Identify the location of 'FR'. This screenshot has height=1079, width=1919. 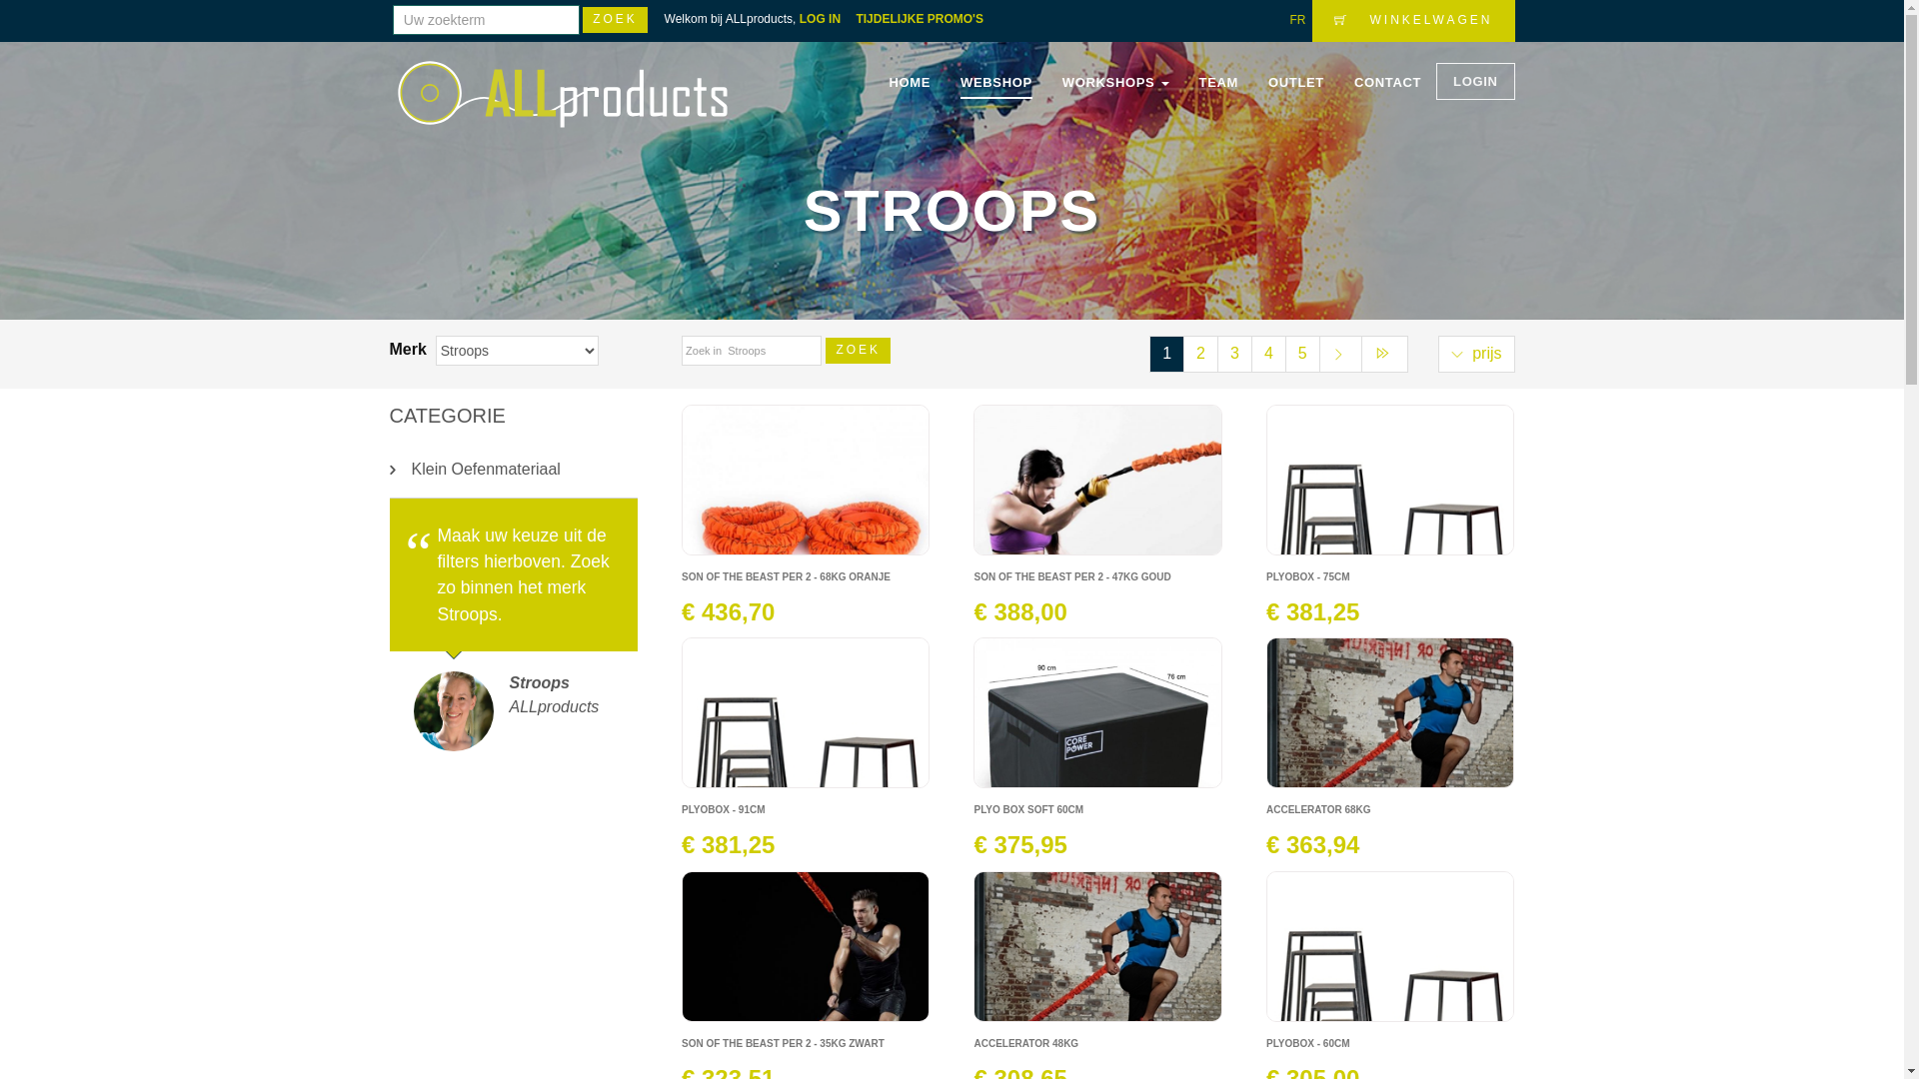
(1296, 19).